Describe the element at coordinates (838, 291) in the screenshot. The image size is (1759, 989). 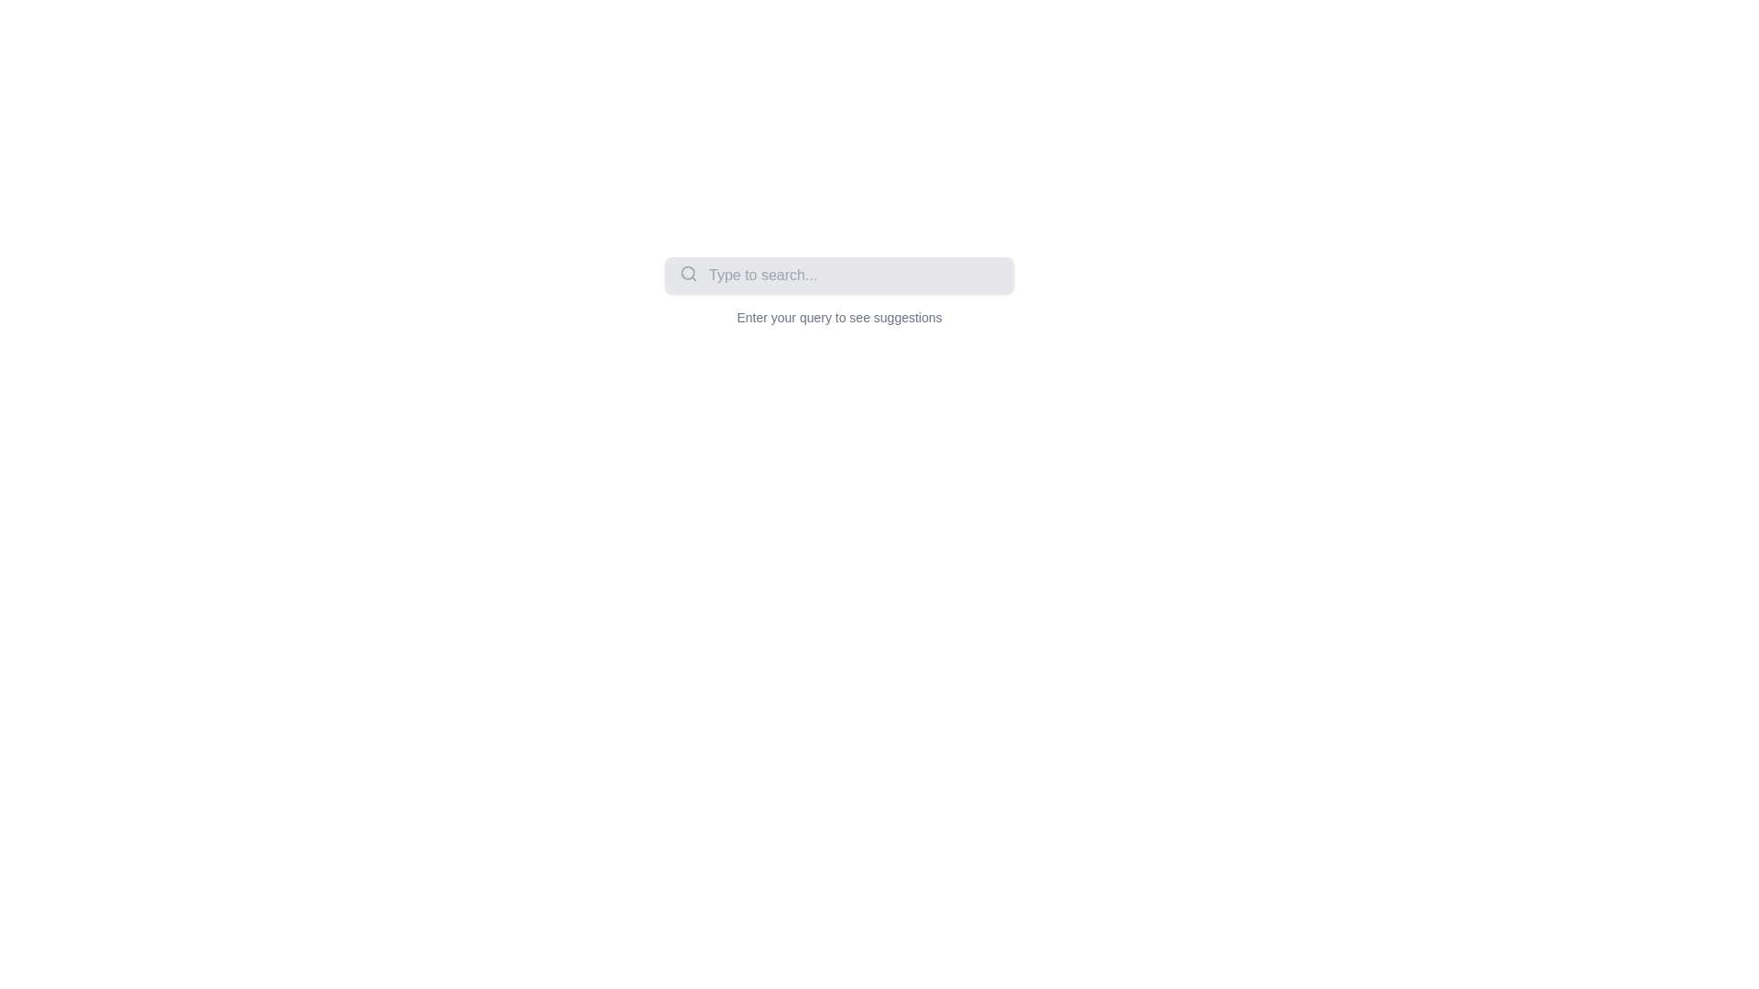
I see `the search icon in the search bar that has placeholder text 'Type to search...' and descriptive text 'Enter your query` at that location.